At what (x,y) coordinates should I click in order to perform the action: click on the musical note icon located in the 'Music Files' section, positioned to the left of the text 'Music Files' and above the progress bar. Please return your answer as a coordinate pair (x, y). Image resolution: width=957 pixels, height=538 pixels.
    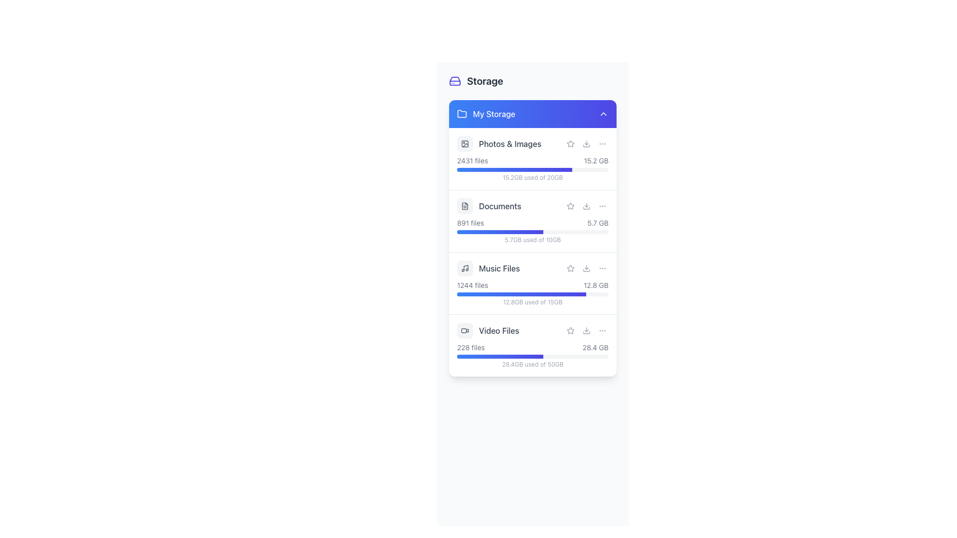
    Looking at the image, I should click on (464, 268).